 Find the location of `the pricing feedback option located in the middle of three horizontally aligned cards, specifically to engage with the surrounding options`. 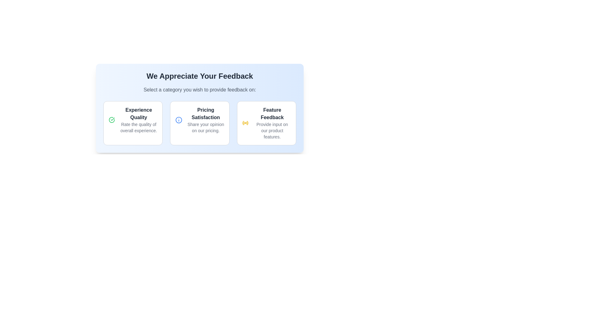

the pricing feedback option located in the middle of three horizontally aligned cards, specifically to engage with the surrounding options is located at coordinates (206, 120).